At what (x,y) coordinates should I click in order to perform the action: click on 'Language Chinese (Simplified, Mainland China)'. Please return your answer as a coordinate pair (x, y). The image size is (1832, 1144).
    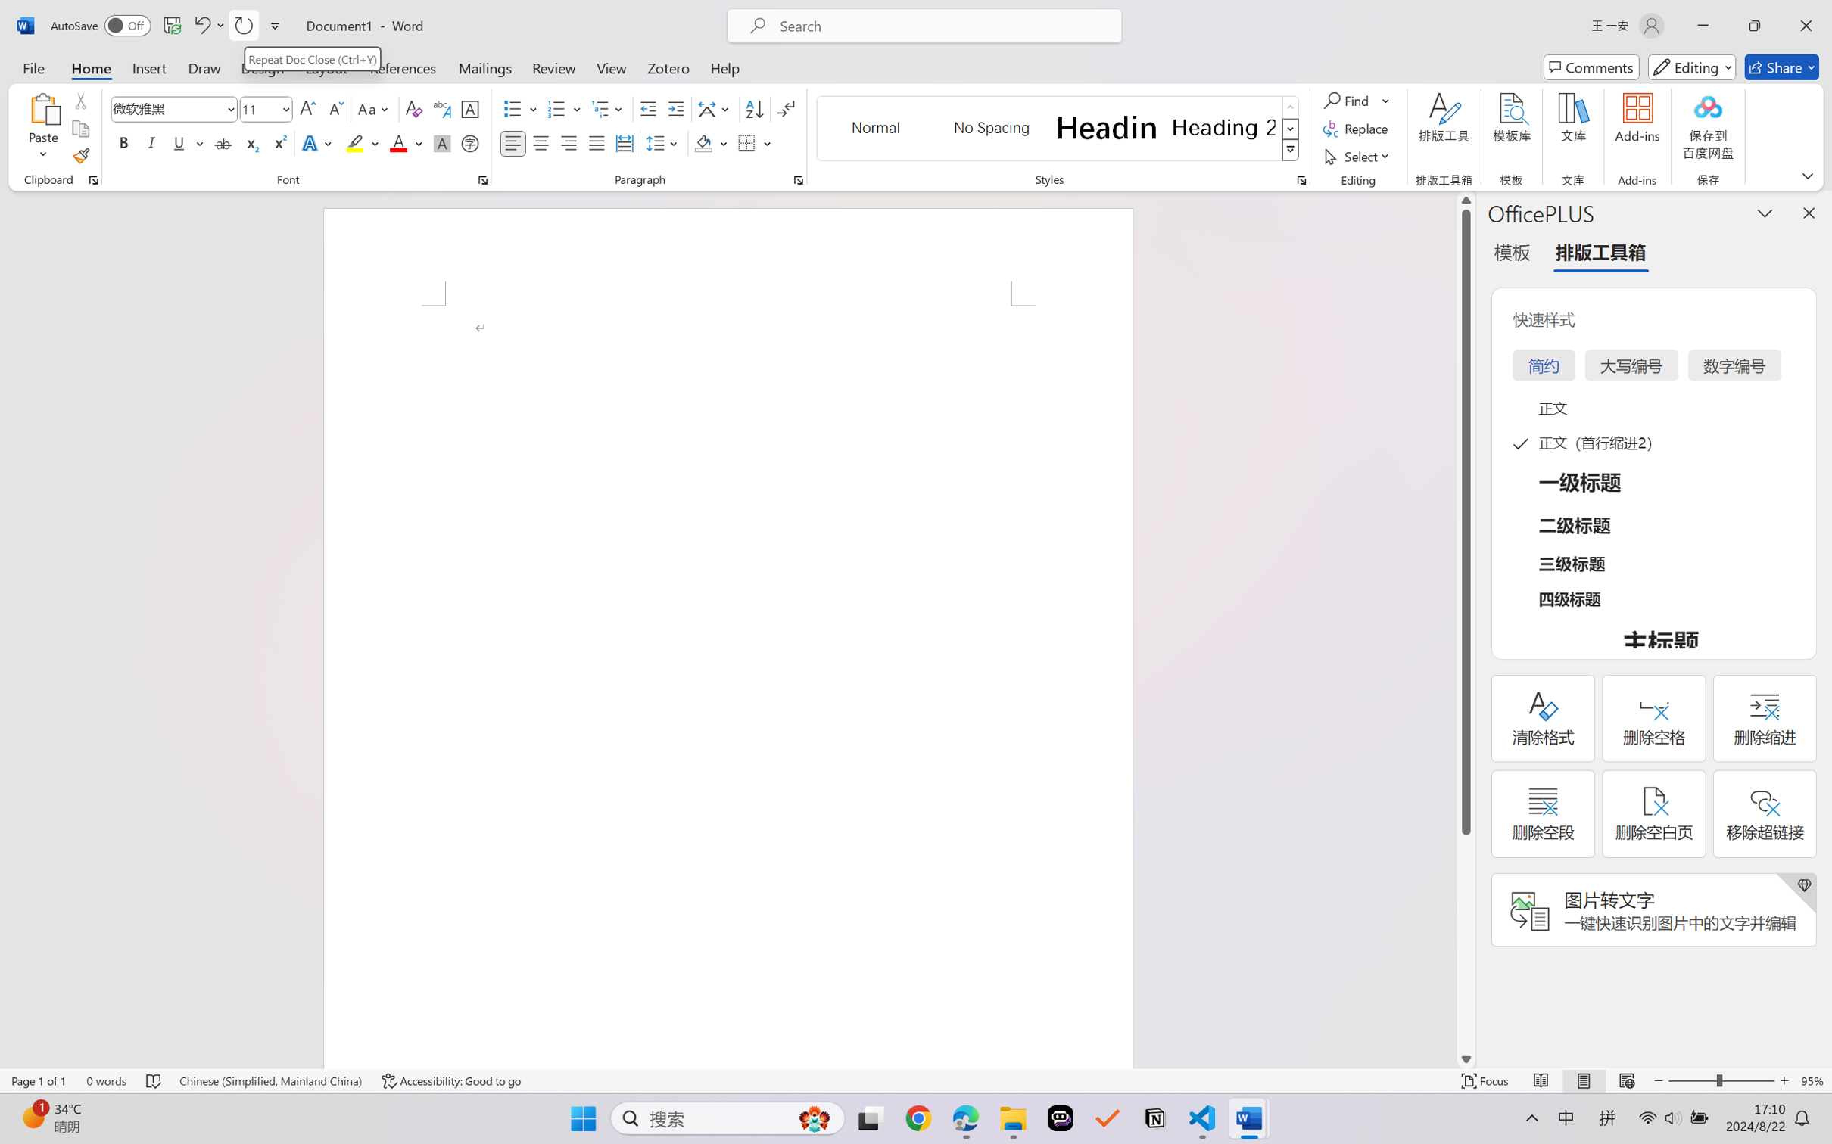
    Looking at the image, I should click on (270, 1080).